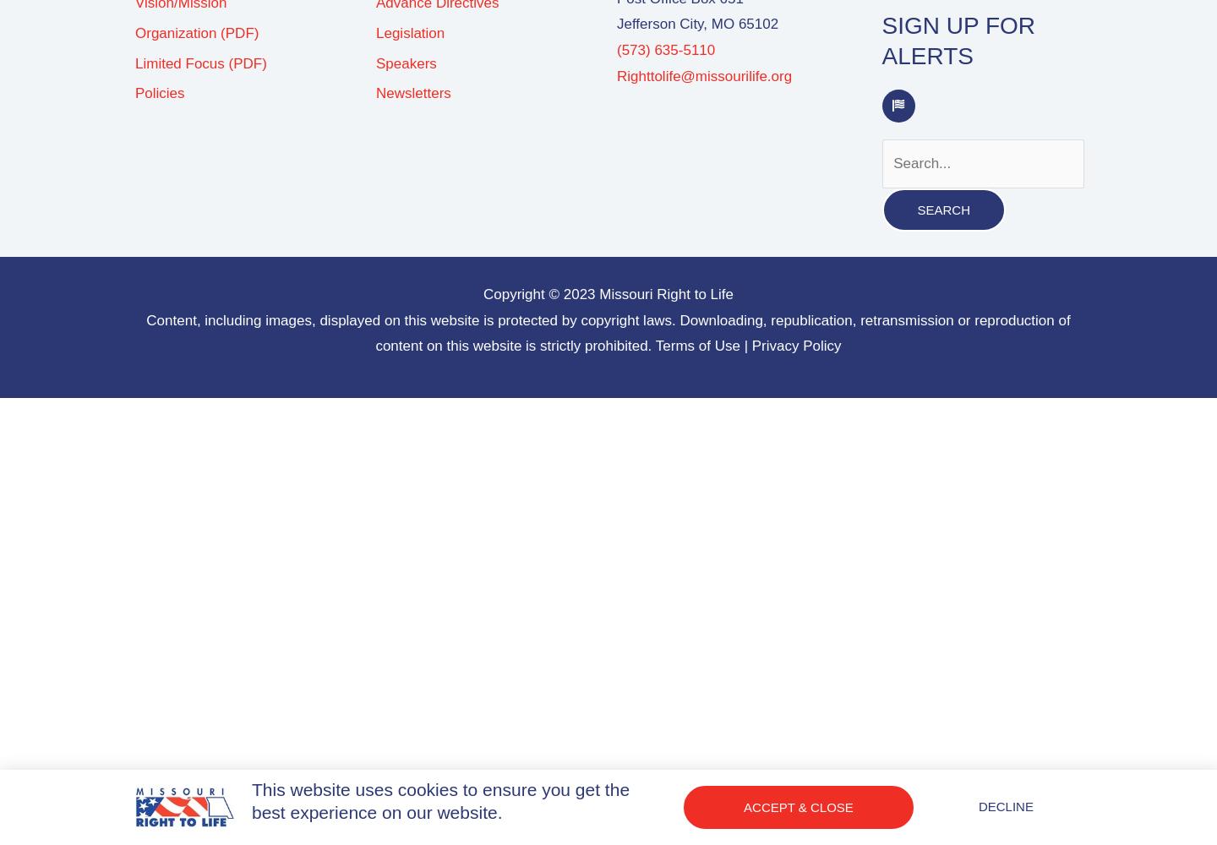  What do you see at coordinates (200, 62) in the screenshot?
I see `'Limited Focus (PDF)'` at bounding box center [200, 62].